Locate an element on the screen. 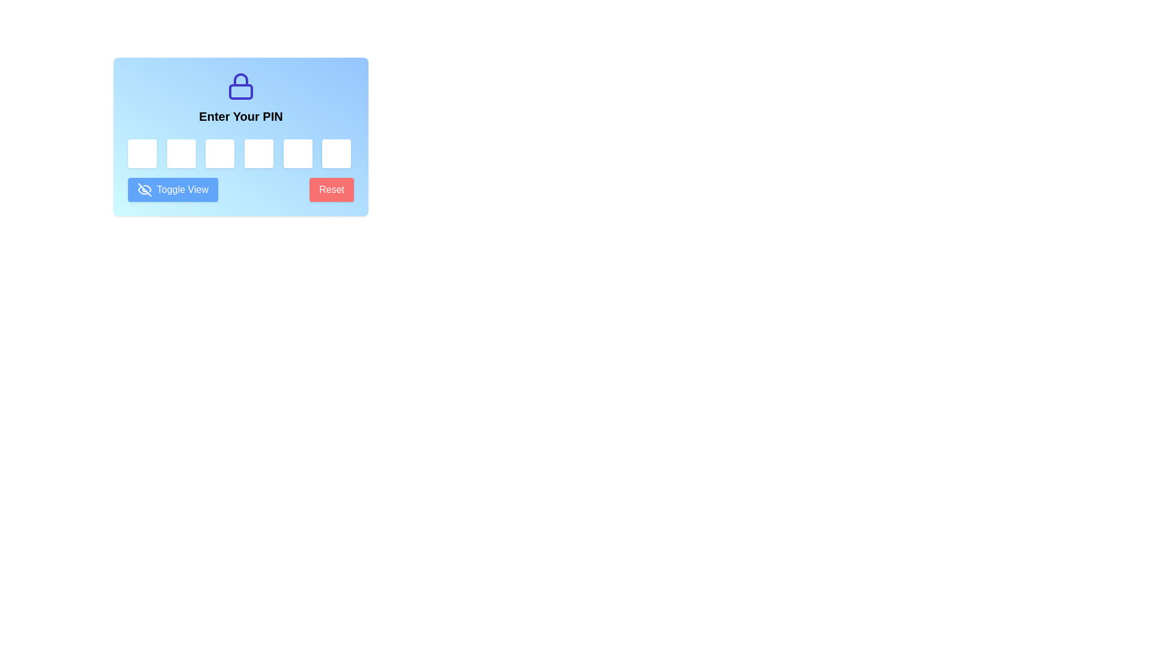  the second input box of the PIN code entry grid to trigger visual feedback is located at coordinates (180, 153).